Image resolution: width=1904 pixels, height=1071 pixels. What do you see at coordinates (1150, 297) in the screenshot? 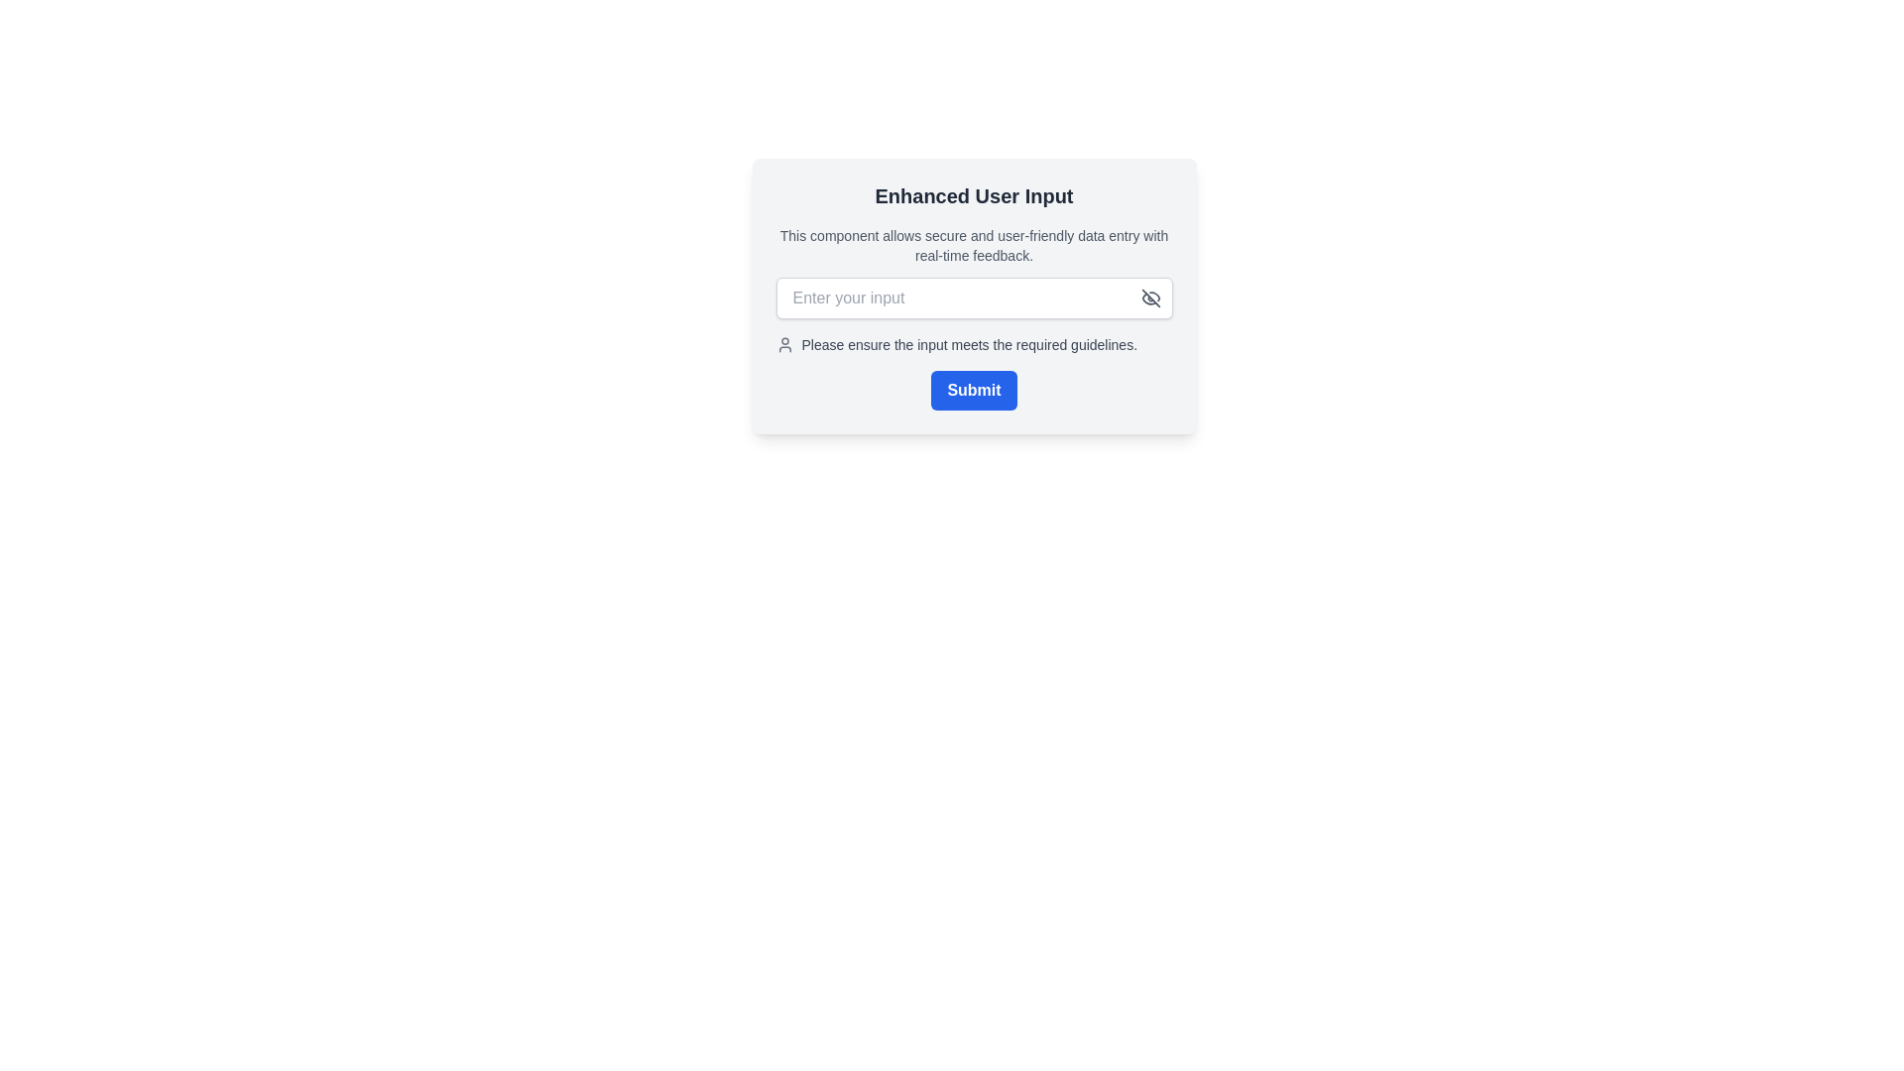
I see `the 'hidden' icon button resembling an eye with a diagonal line crossing it, located at the far right of the password input field` at bounding box center [1150, 297].